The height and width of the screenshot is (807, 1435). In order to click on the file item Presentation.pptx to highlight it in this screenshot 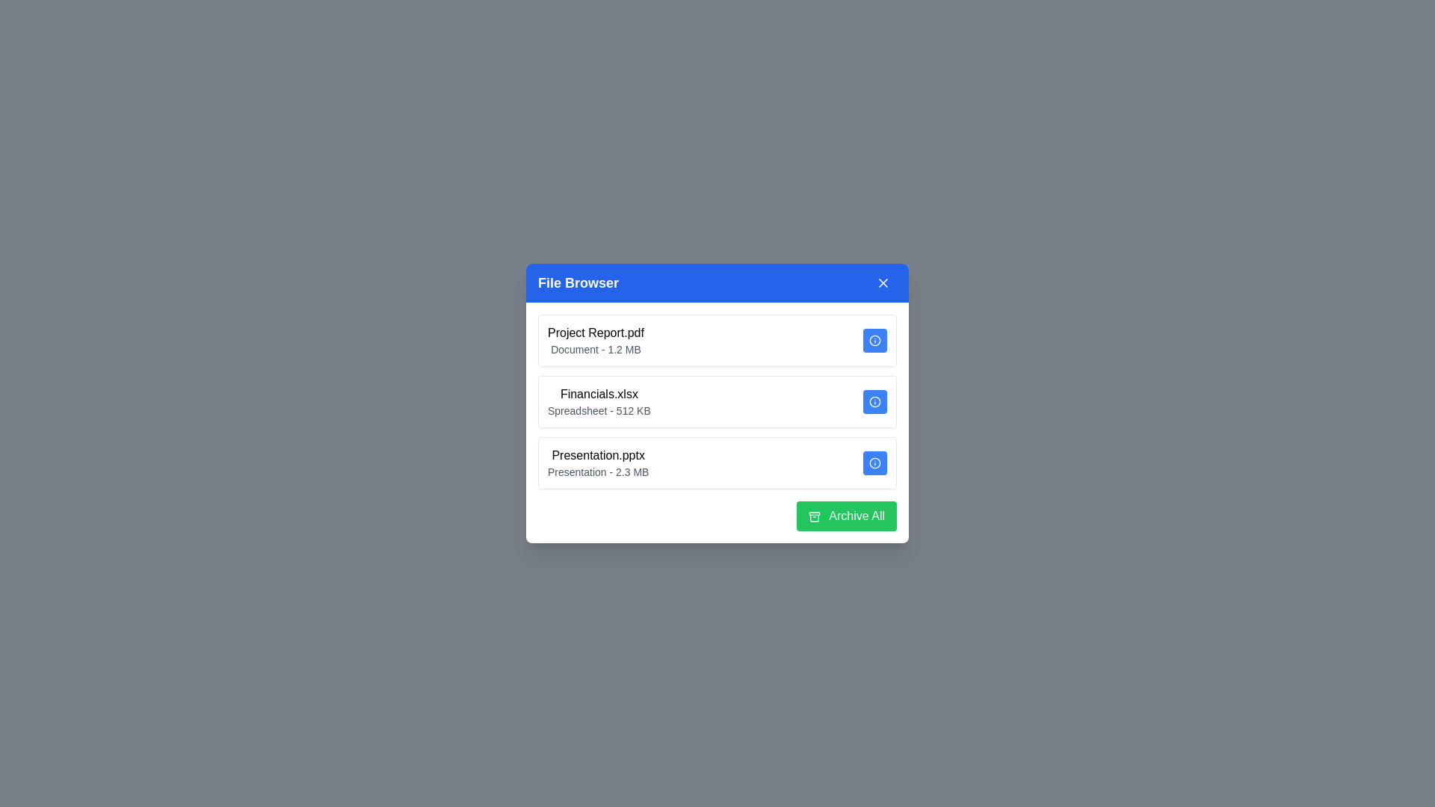, I will do `click(717, 463)`.